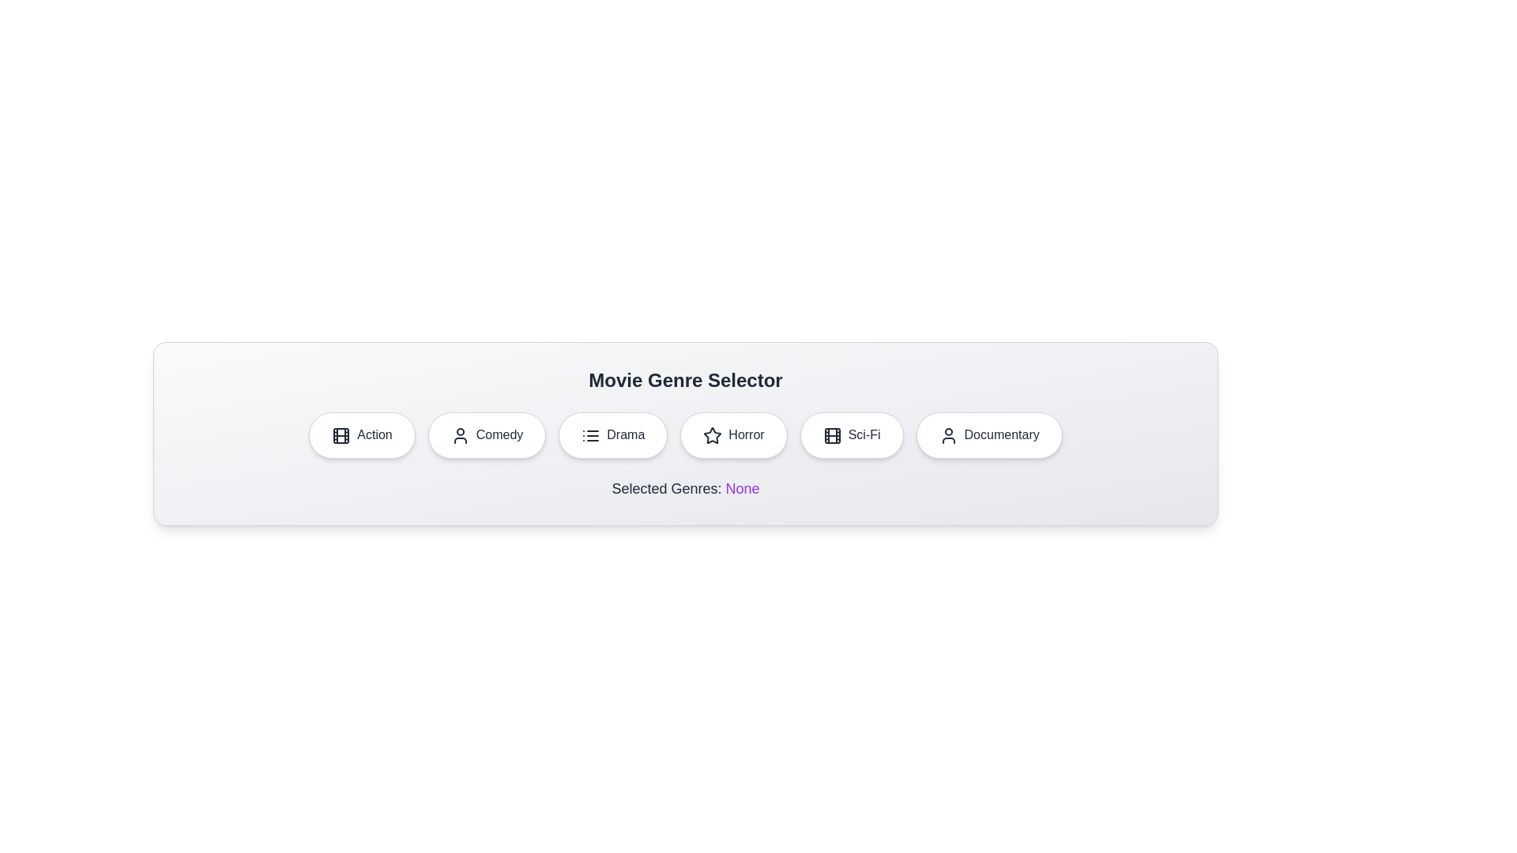 The width and height of the screenshot is (1517, 853). What do you see at coordinates (831, 435) in the screenshot?
I see `the decorative rectangle component of the 'Film' icon located at the top-left corner of the icon` at bounding box center [831, 435].